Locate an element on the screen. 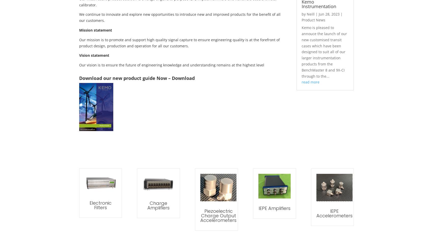 This screenshot has height=241, width=433. 'Vision statement' is located at coordinates (79, 55).